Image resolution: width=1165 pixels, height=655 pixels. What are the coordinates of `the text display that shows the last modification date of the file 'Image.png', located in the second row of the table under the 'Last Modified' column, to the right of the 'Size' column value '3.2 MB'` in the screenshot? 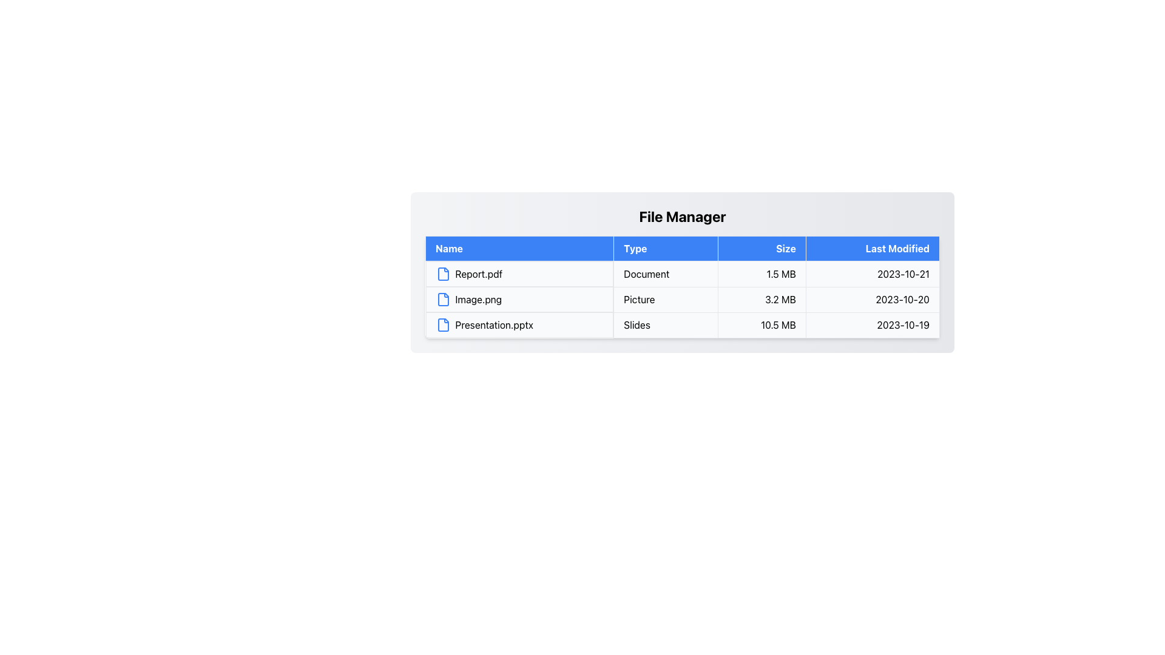 It's located at (872, 299).